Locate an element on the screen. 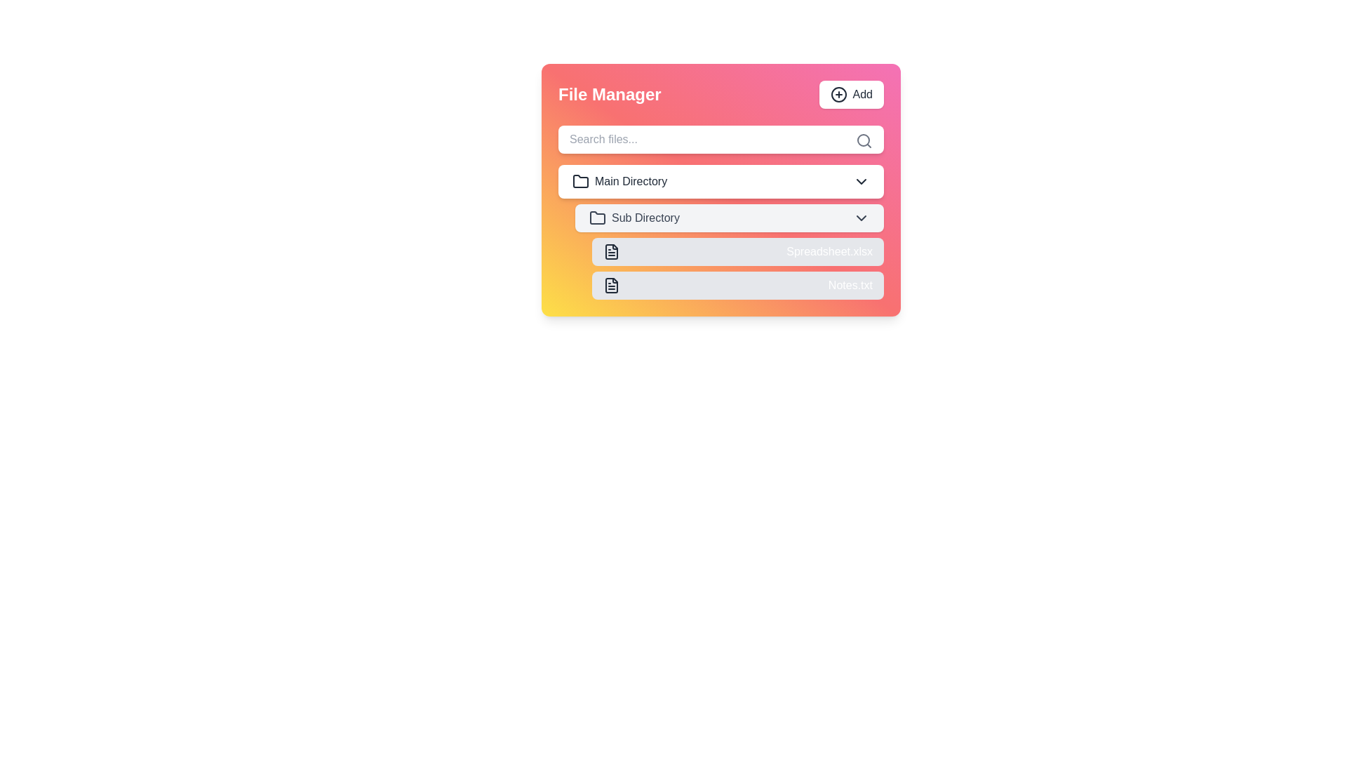 The width and height of the screenshot is (1347, 758). the small file document icon with a folded corner, located in the highlighted row labeled 'Spreadsheet.xlsx' is located at coordinates (612, 251).